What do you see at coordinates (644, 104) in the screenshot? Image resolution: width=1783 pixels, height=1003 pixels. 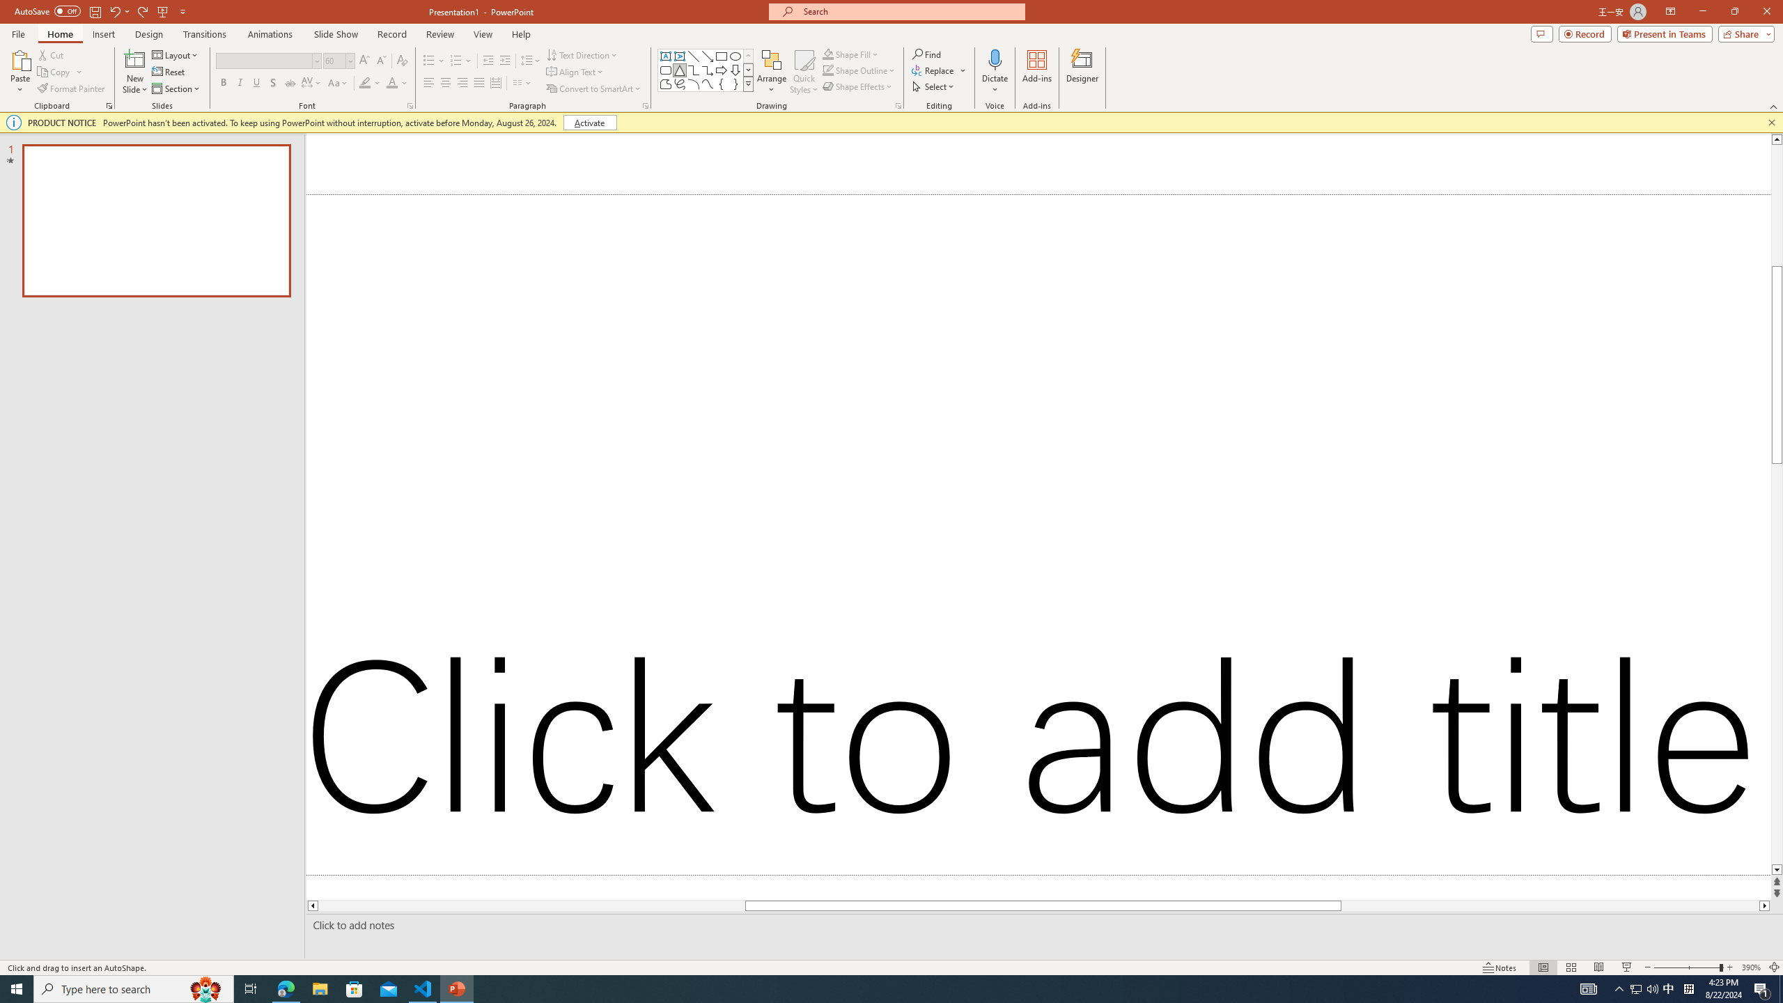 I see `'Paragraph...'` at bounding box center [644, 104].